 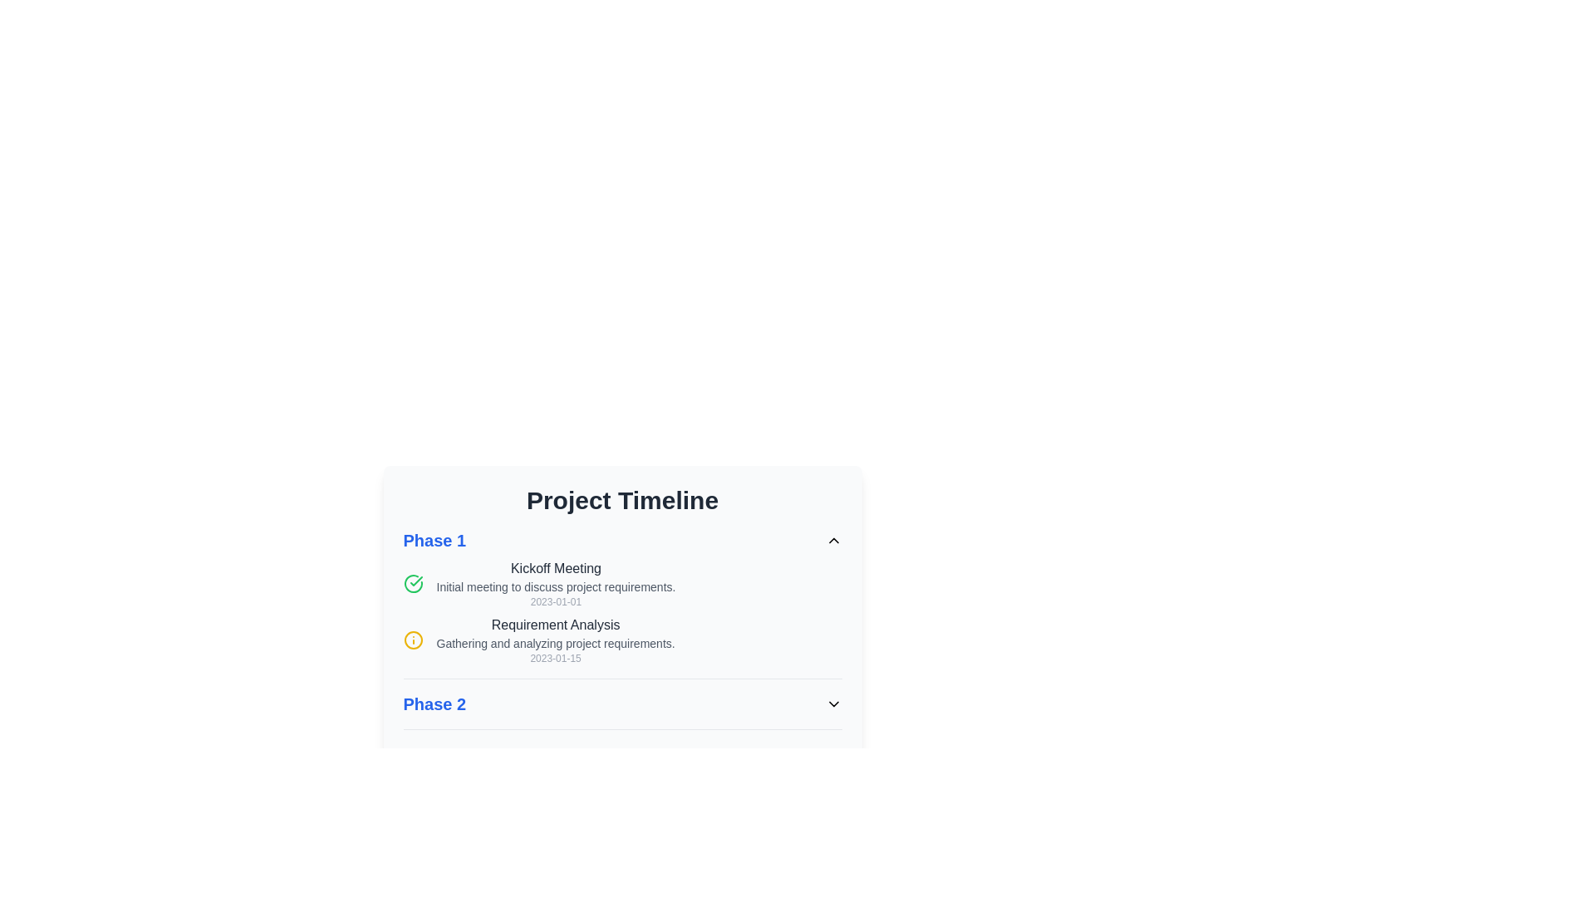 I want to click on date displayed in the Text Label that serves as a timestamp for the 'Kickoff Meeting', located below the descriptive sentence and part of the first phase of the timeline, so click(x=556, y=602).